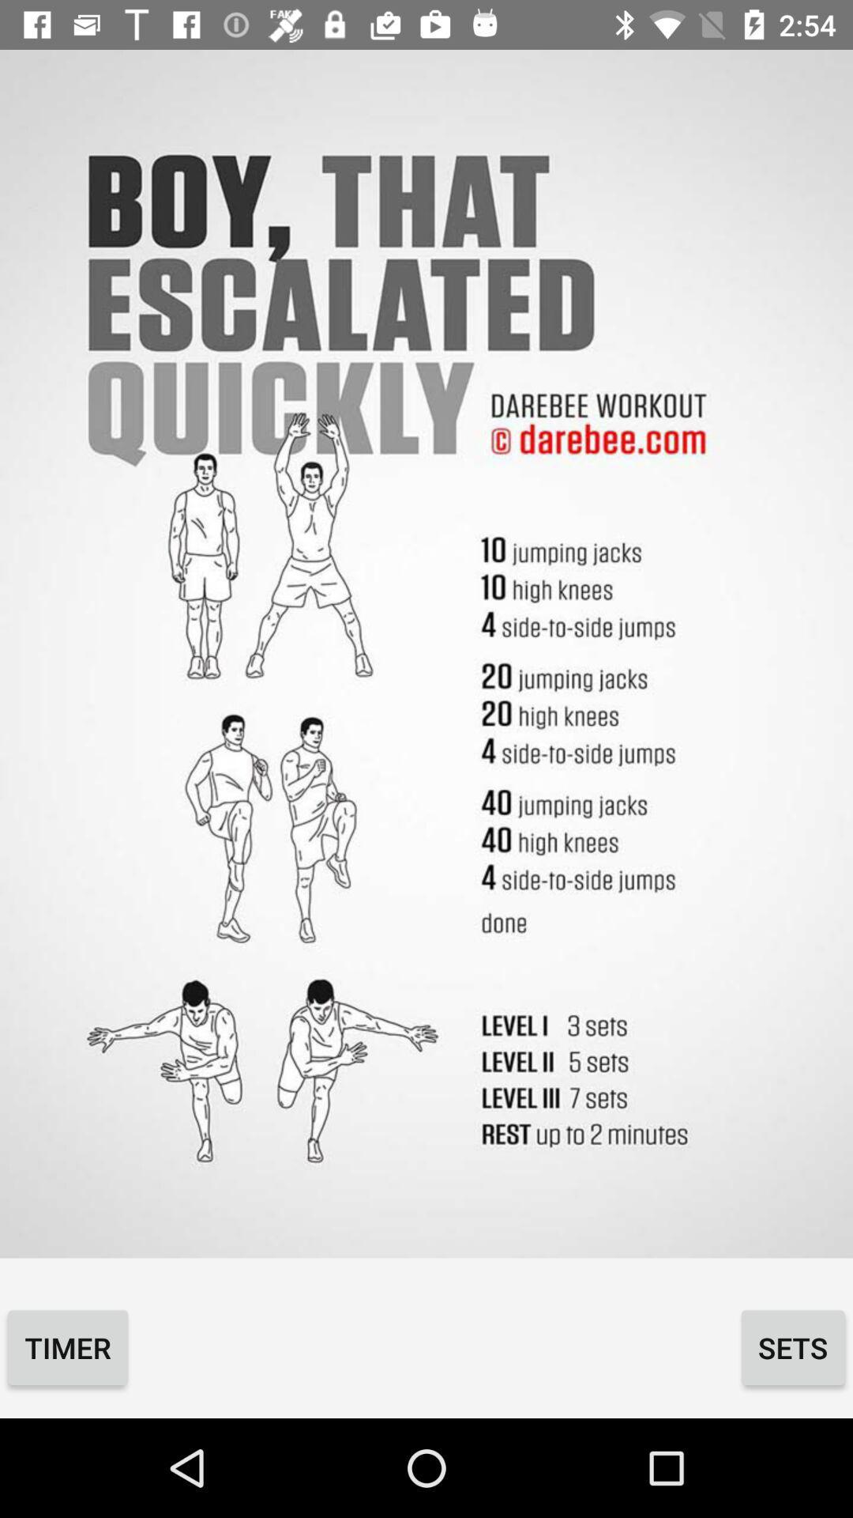 The image size is (853, 1518). Describe the element at coordinates (67, 1346) in the screenshot. I see `icon to the left of the sets icon` at that location.